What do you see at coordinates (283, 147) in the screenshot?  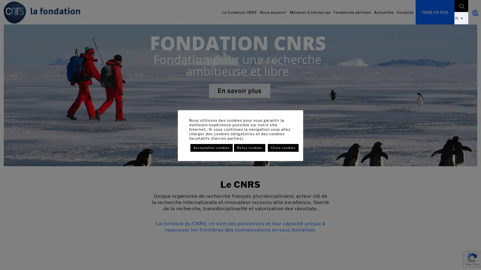 I see `Choix cookies` at bounding box center [283, 147].